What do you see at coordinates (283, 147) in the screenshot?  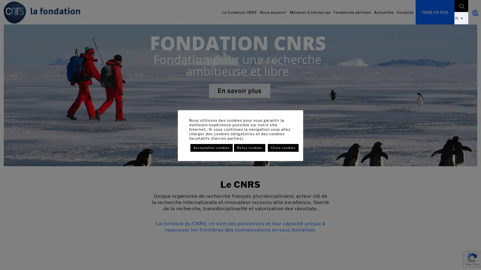 I see `Choix cookies` at bounding box center [283, 147].